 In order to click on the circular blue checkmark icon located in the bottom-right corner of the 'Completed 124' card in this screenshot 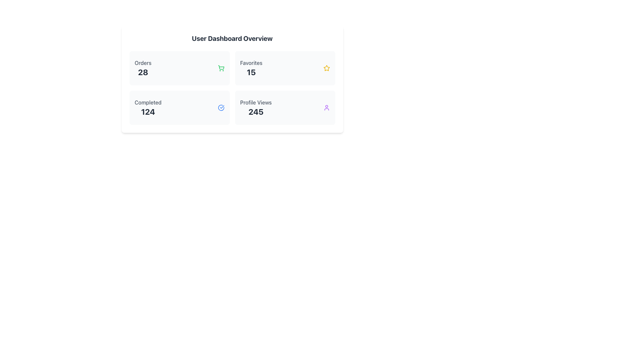, I will do `click(221, 107)`.